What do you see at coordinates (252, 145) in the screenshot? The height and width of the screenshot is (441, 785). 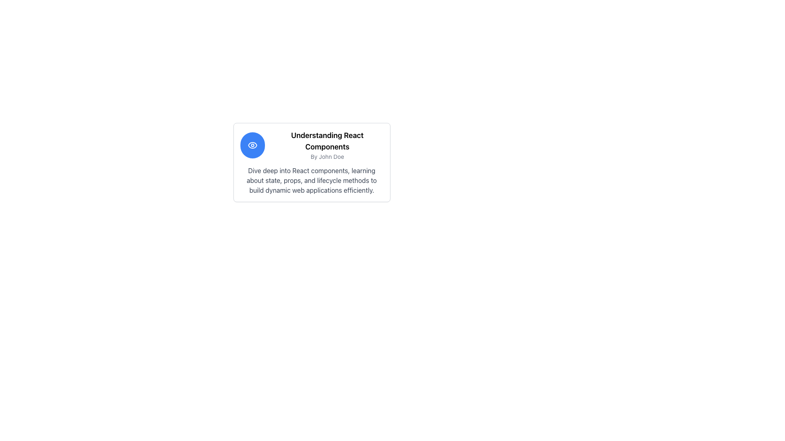 I see `the blue circular button with a white eye icon located to the left of the 'Understanding React Components' tutorial text by John Doe` at bounding box center [252, 145].